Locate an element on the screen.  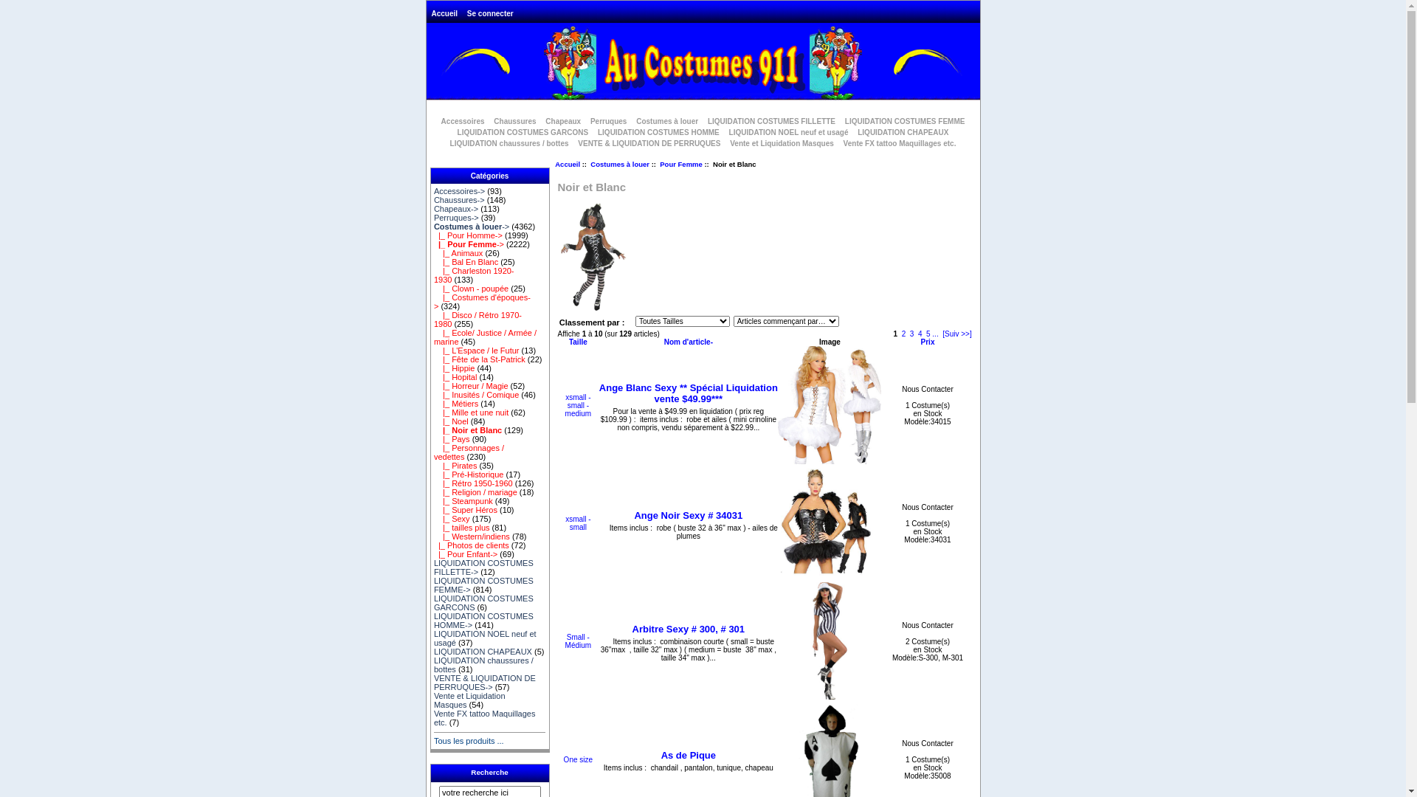
'Chapeaux' is located at coordinates (541, 120).